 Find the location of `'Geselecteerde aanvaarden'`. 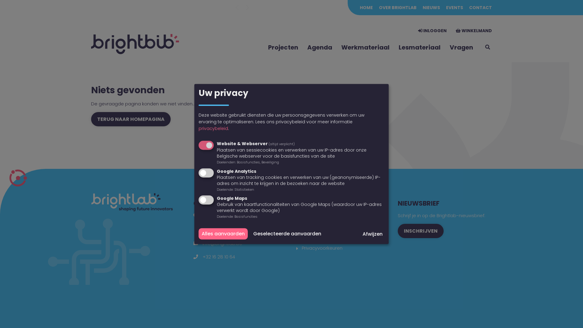

'Geselecteerde aanvaarden' is located at coordinates (287, 234).